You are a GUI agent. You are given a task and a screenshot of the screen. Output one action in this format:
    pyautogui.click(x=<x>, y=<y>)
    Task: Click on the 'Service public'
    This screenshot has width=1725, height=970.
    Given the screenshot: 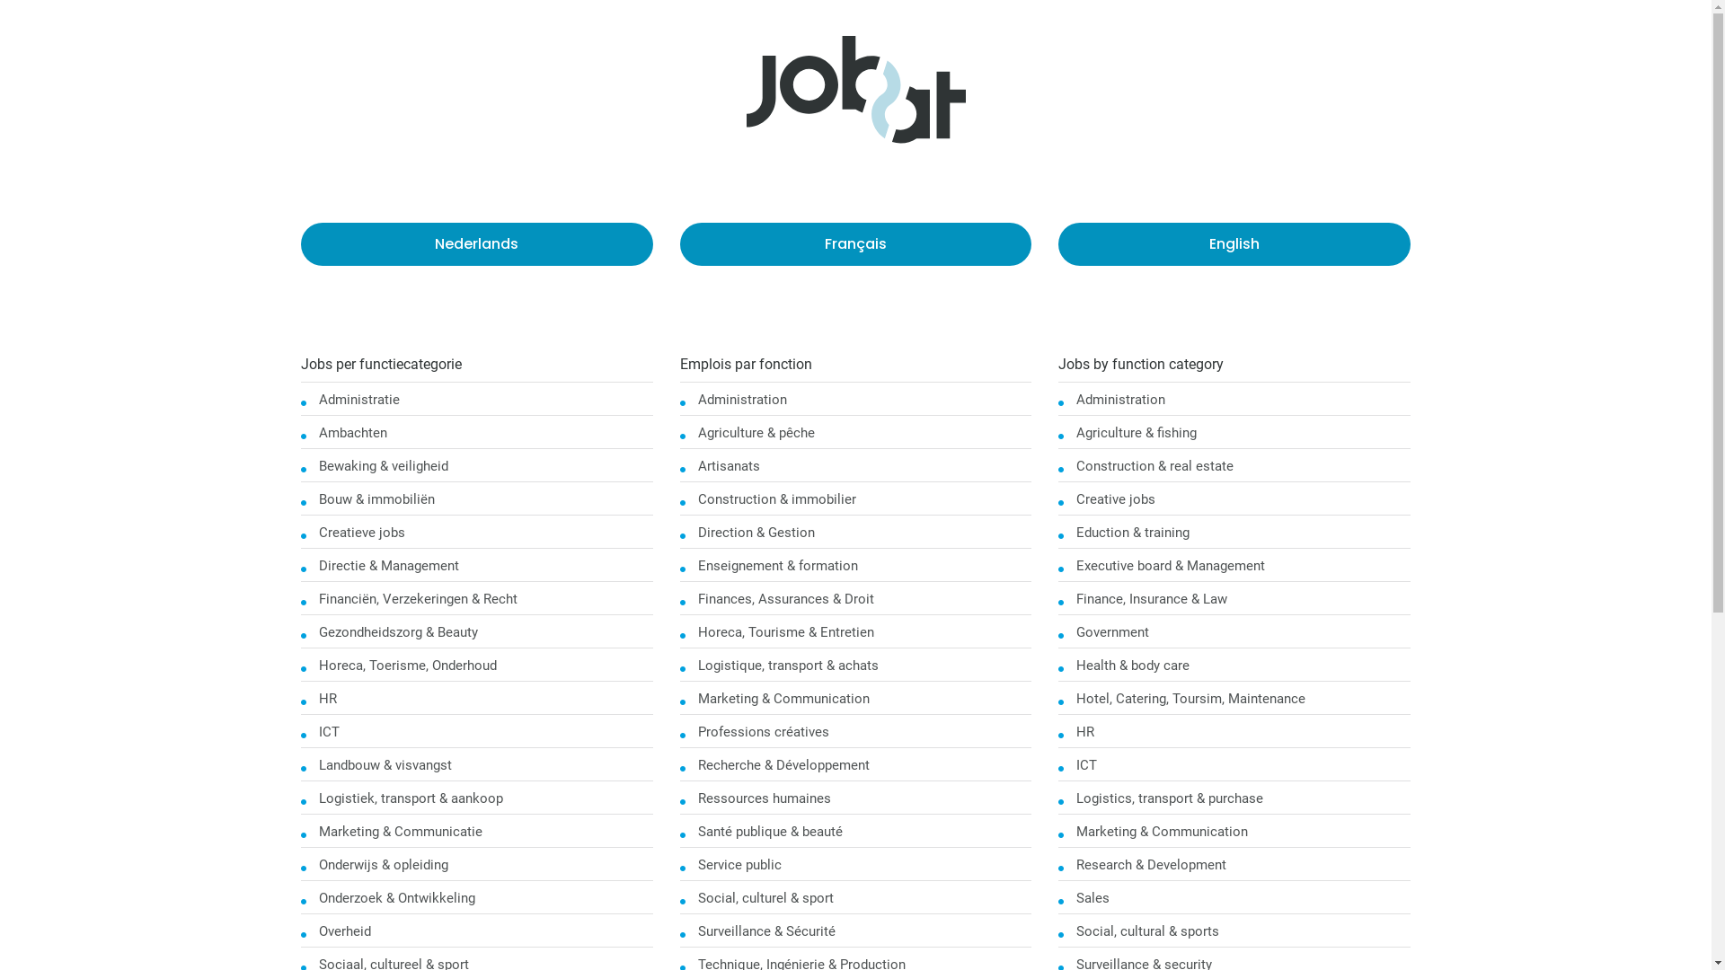 What is the action you would take?
    pyautogui.click(x=739, y=864)
    